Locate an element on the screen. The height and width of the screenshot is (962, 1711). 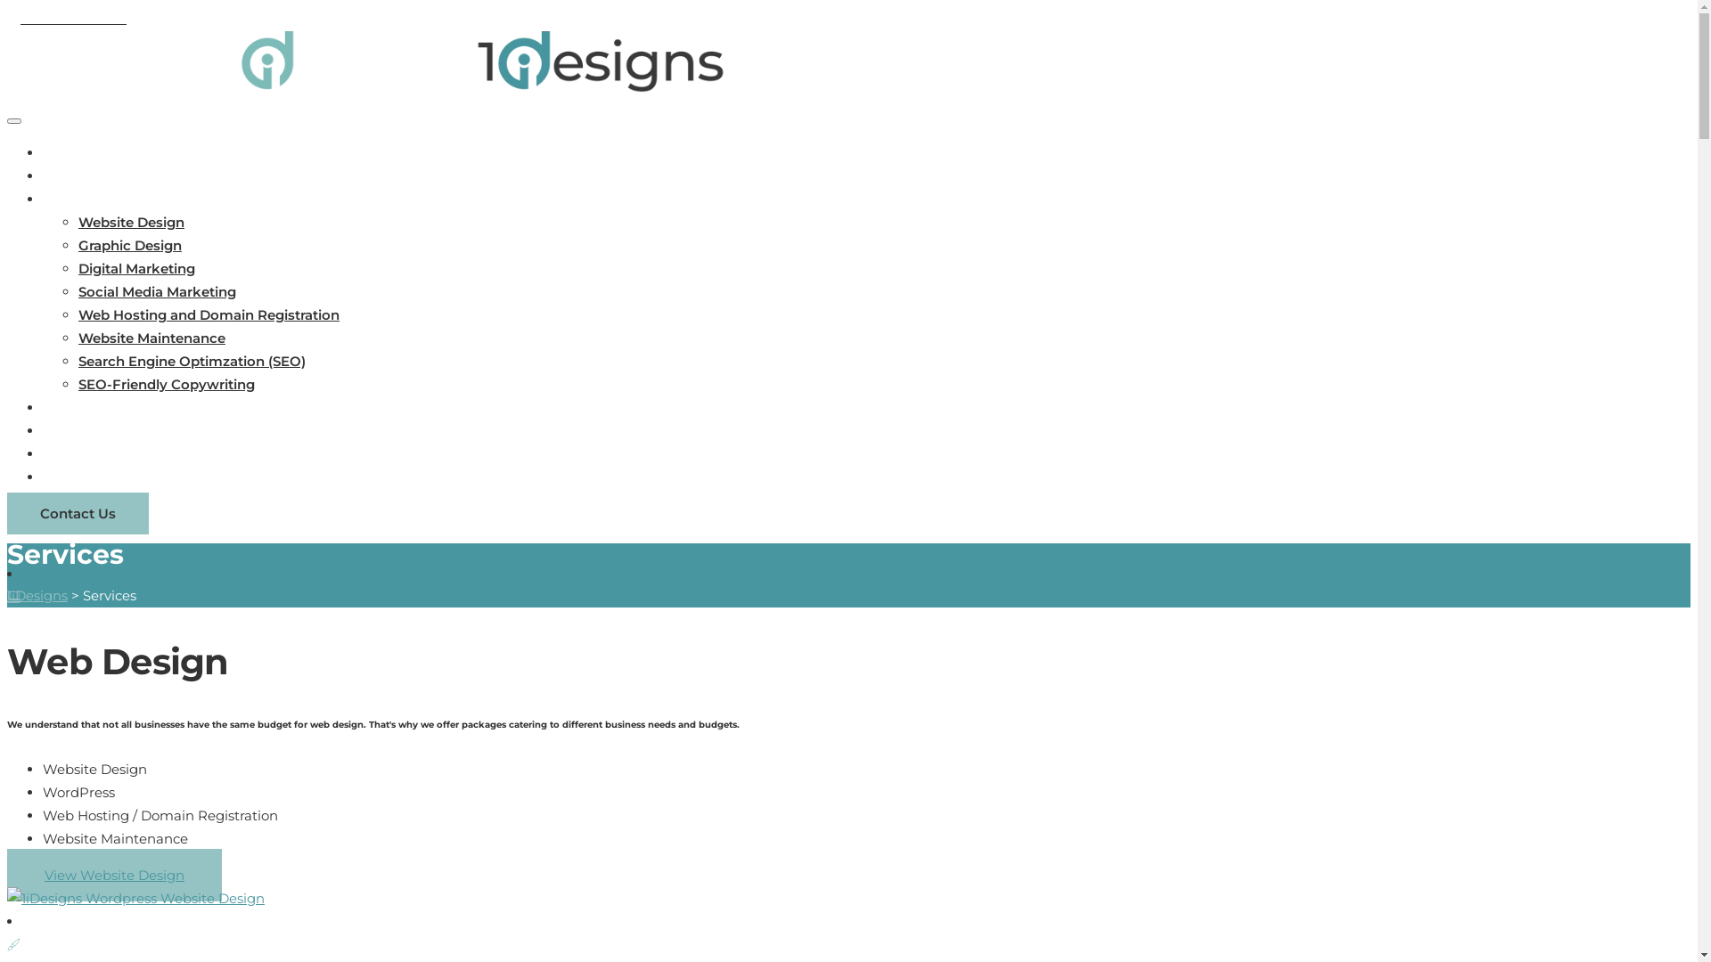
'1iDesigns Wordpress Website Design' is located at coordinates (135, 899).